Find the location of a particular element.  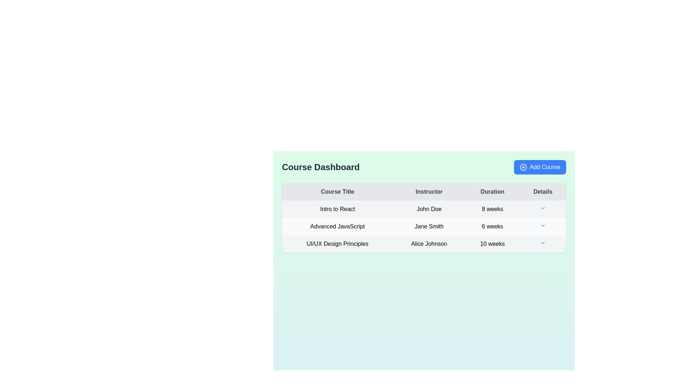

the text label displaying 'Intro to React' in black font on a light gray background, located in the first row of the table under the 'Course Title' column is located at coordinates (337, 209).